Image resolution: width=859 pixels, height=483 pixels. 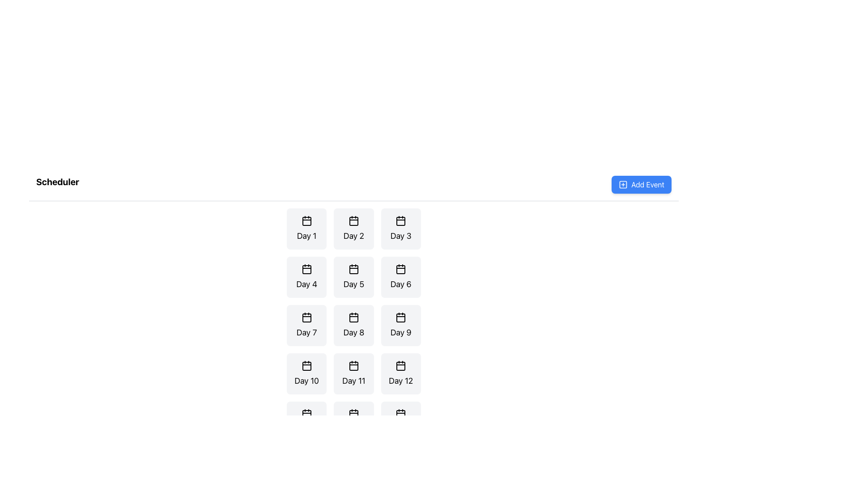 I want to click on the calendar icon located at the top of the card labeled 'Day 7' in the third row and first column of a 4x3 grid, so click(x=306, y=317).